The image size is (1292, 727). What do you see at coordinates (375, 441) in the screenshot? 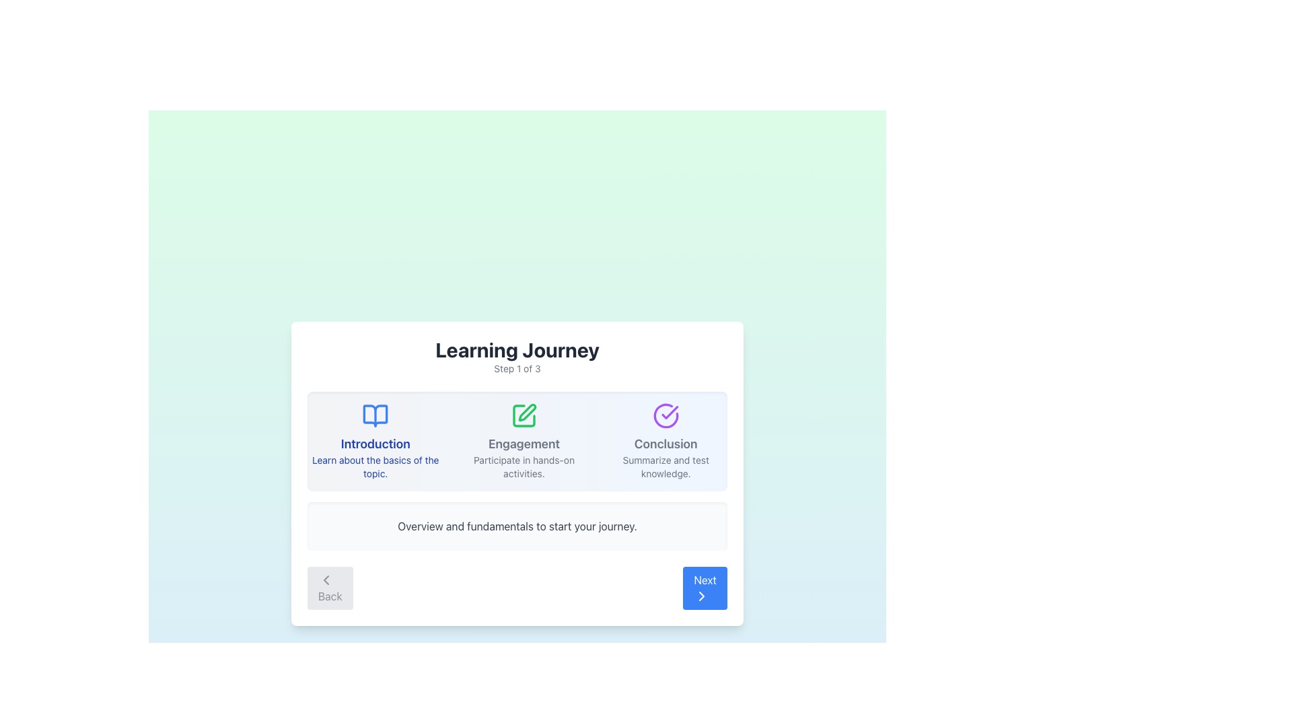
I see `the 'Introduction' text in the first card of the three-item row, which features a blue book icon and describes learning about the basics of the topic` at bounding box center [375, 441].